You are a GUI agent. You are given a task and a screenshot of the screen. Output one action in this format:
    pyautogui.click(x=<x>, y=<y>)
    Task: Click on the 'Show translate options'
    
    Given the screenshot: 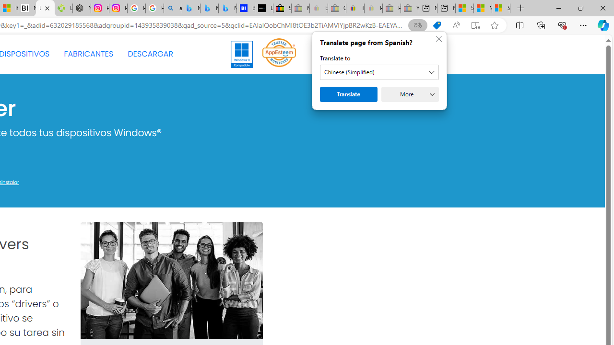 What is the action you would take?
    pyautogui.click(x=418, y=25)
    